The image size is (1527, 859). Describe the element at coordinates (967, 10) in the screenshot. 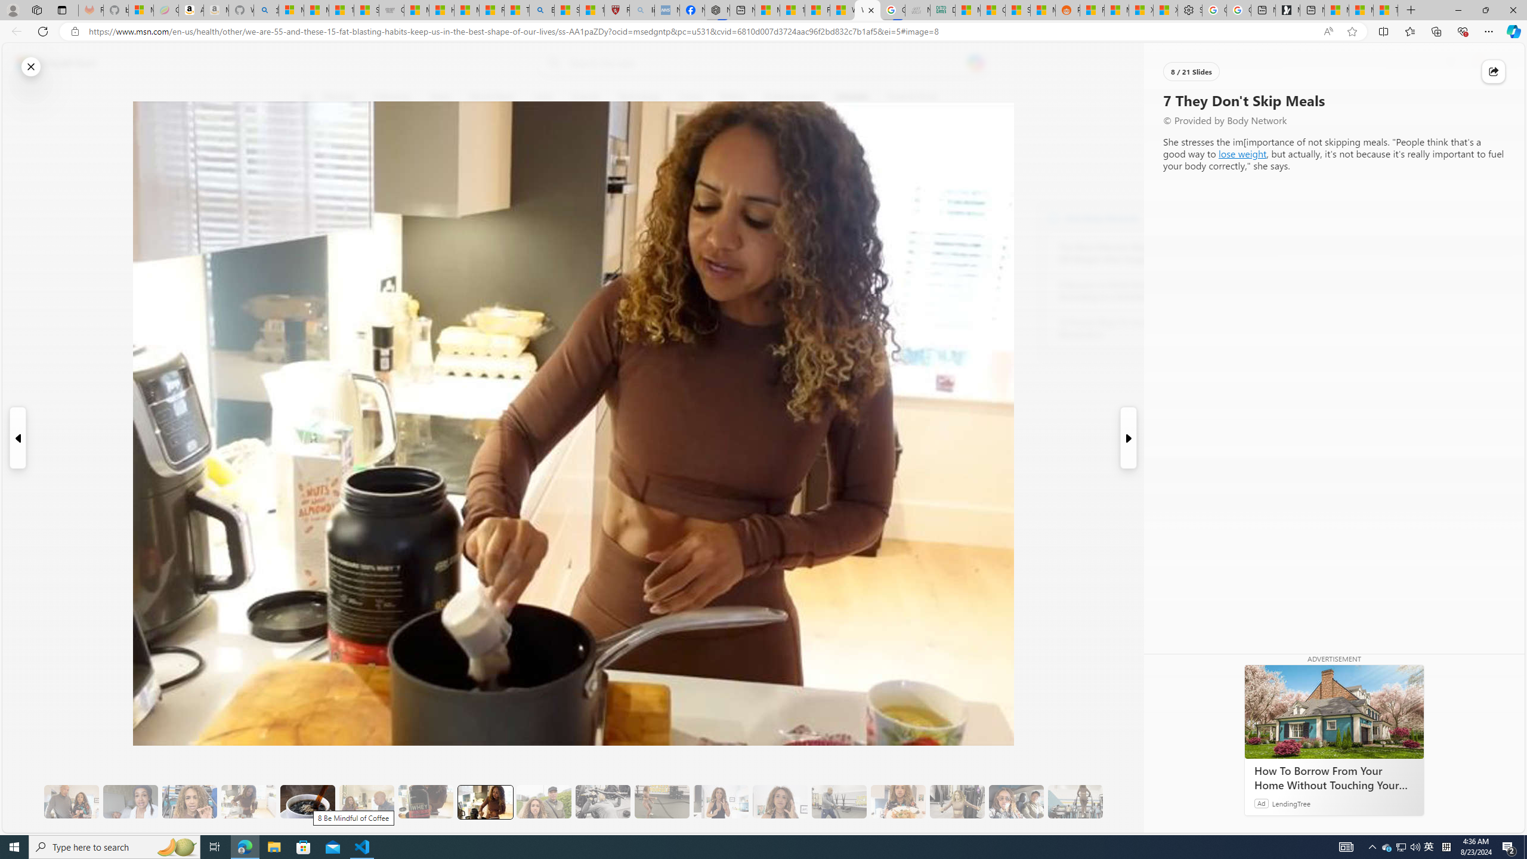

I see `'MSNBC - MSN'` at that location.